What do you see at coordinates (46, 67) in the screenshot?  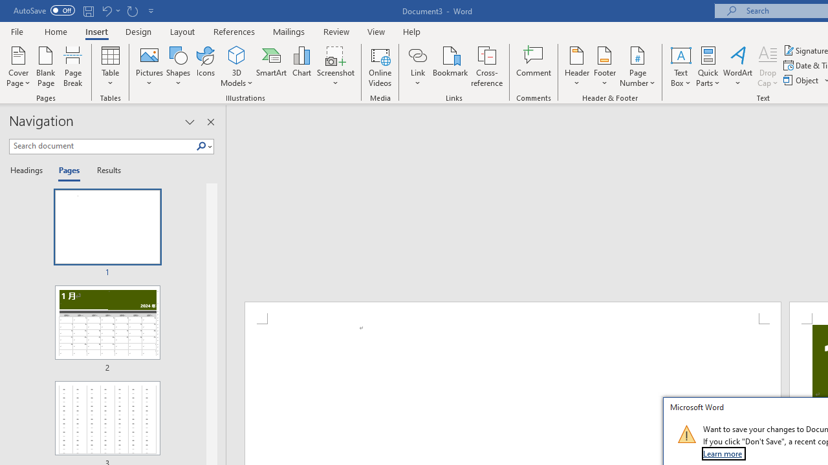 I see `'Blank Page'` at bounding box center [46, 67].